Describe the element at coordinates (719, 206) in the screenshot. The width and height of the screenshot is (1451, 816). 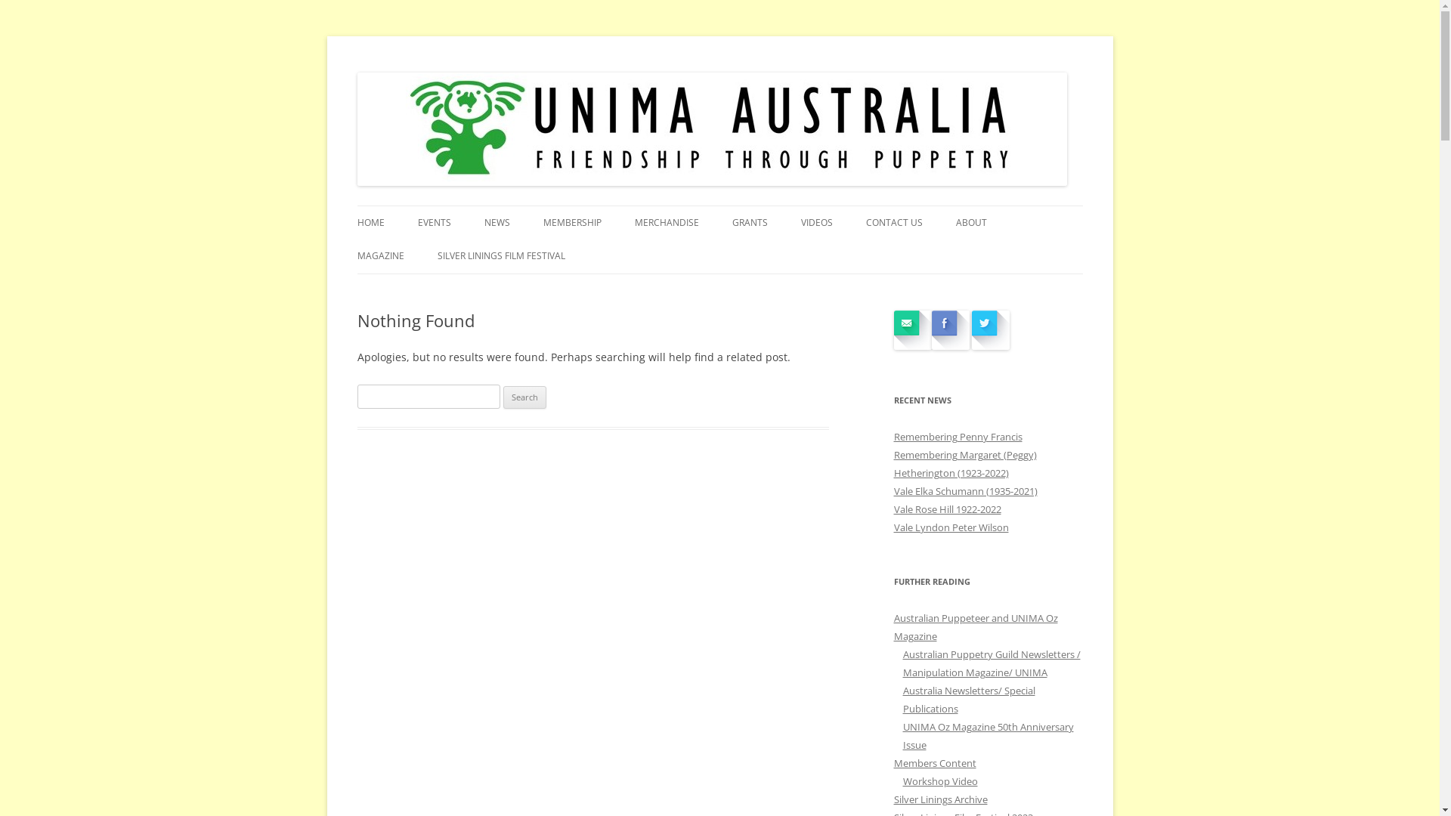
I see `'Skip to content'` at that location.